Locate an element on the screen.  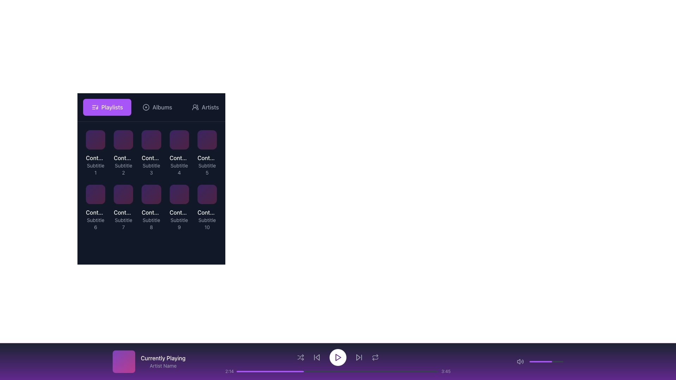
the 'like' or 'favorite' button located in the top-right corner of the card labeled 'Content Title 3' with the subtitle 'Subtitle 3' is located at coordinates (154, 137).